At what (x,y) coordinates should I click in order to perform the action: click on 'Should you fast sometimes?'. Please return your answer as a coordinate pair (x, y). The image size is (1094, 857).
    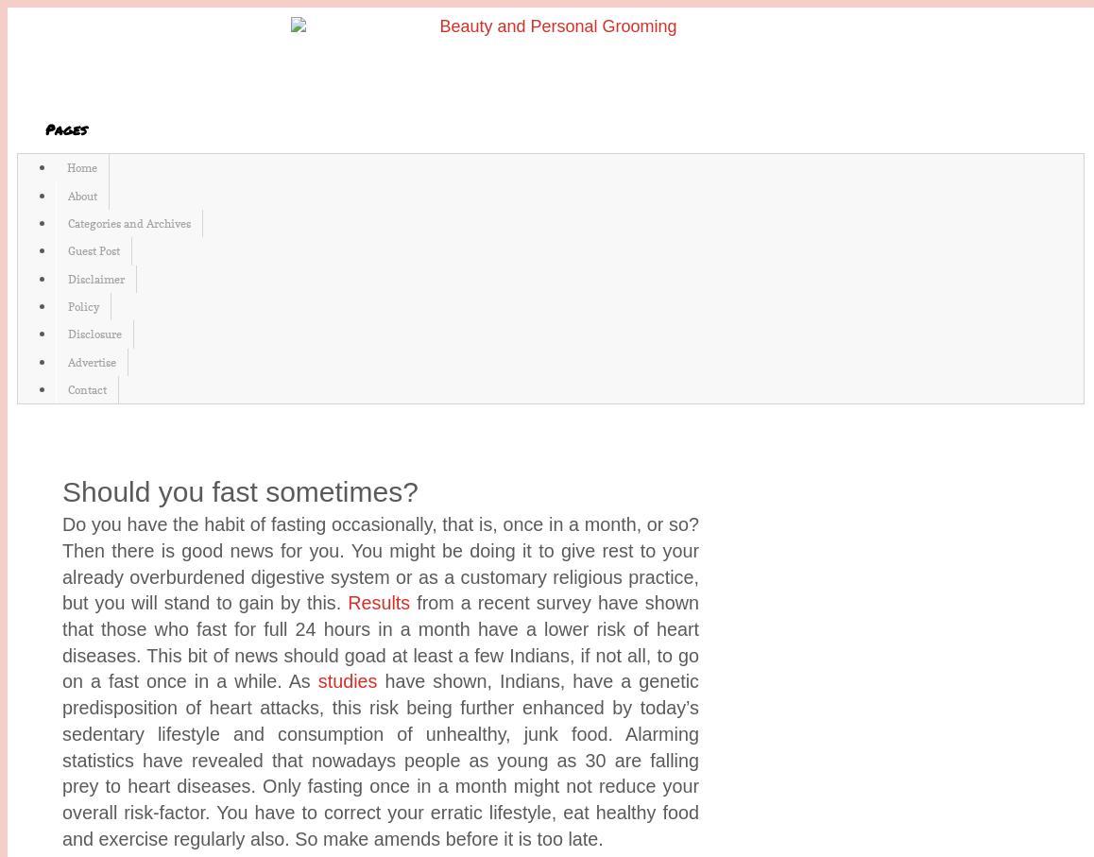
    Looking at the image, I should click on (238, 489).